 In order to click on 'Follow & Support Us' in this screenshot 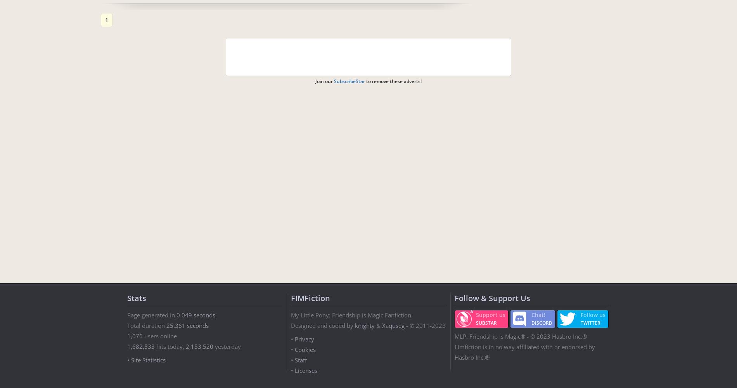, I will do `click(492, 298)`.